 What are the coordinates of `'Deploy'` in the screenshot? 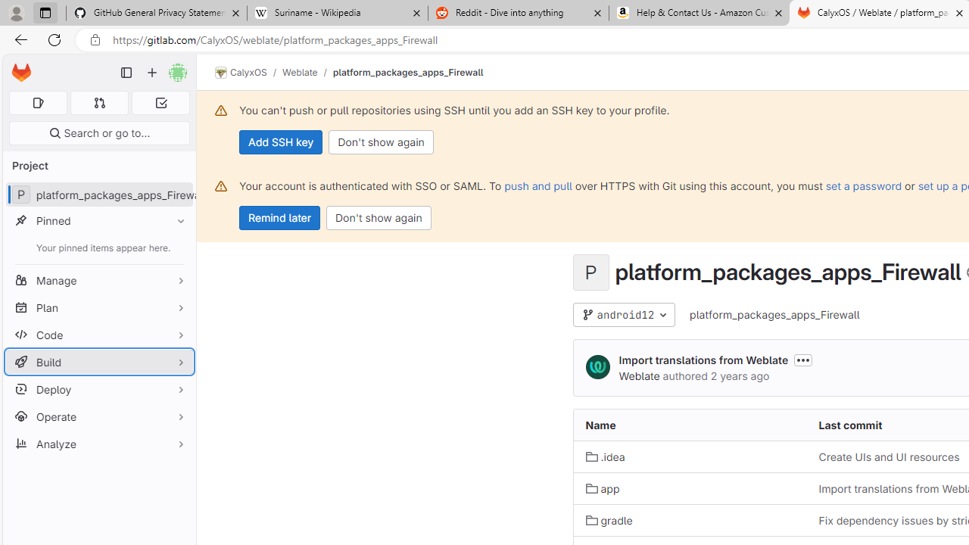 It's located at (98, 388).